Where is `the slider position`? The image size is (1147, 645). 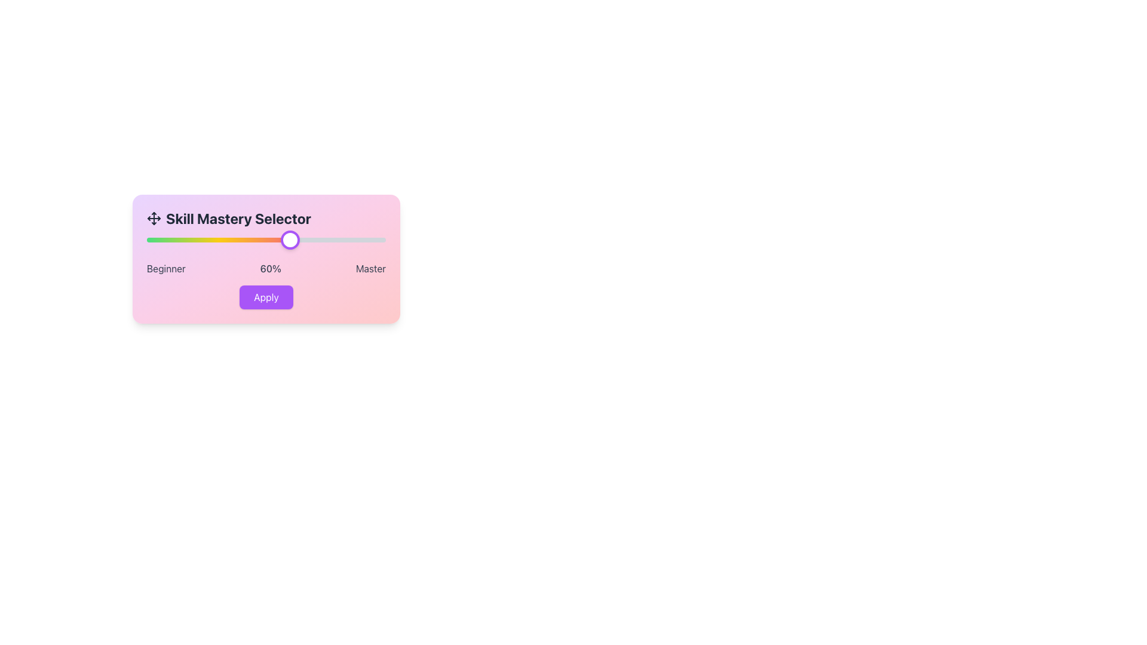
the slider position is located at coordinates (350, 239).